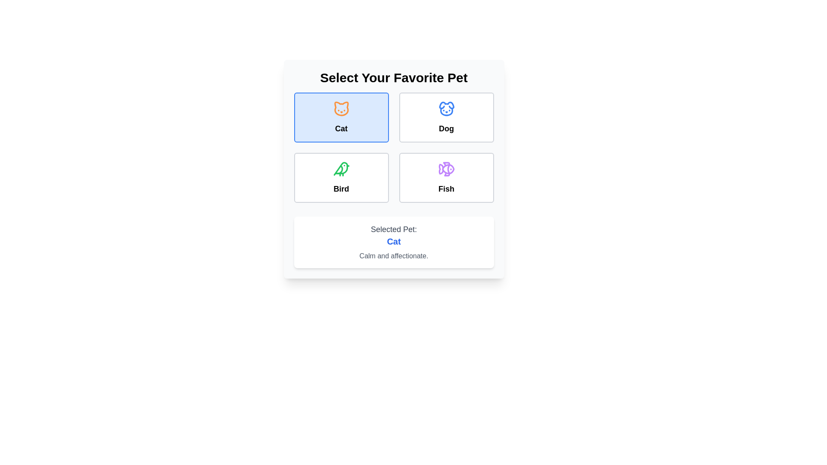 The height and width of the screenshot is (465, 827). Describe the element at coordinates (448, 169) in the screenshot. I see `the decorative part of the fish icon in the SVG element, located in the bottom right of the four-option grid, below the 'Dog' option and to the right of the 'Bird' option` at that location.